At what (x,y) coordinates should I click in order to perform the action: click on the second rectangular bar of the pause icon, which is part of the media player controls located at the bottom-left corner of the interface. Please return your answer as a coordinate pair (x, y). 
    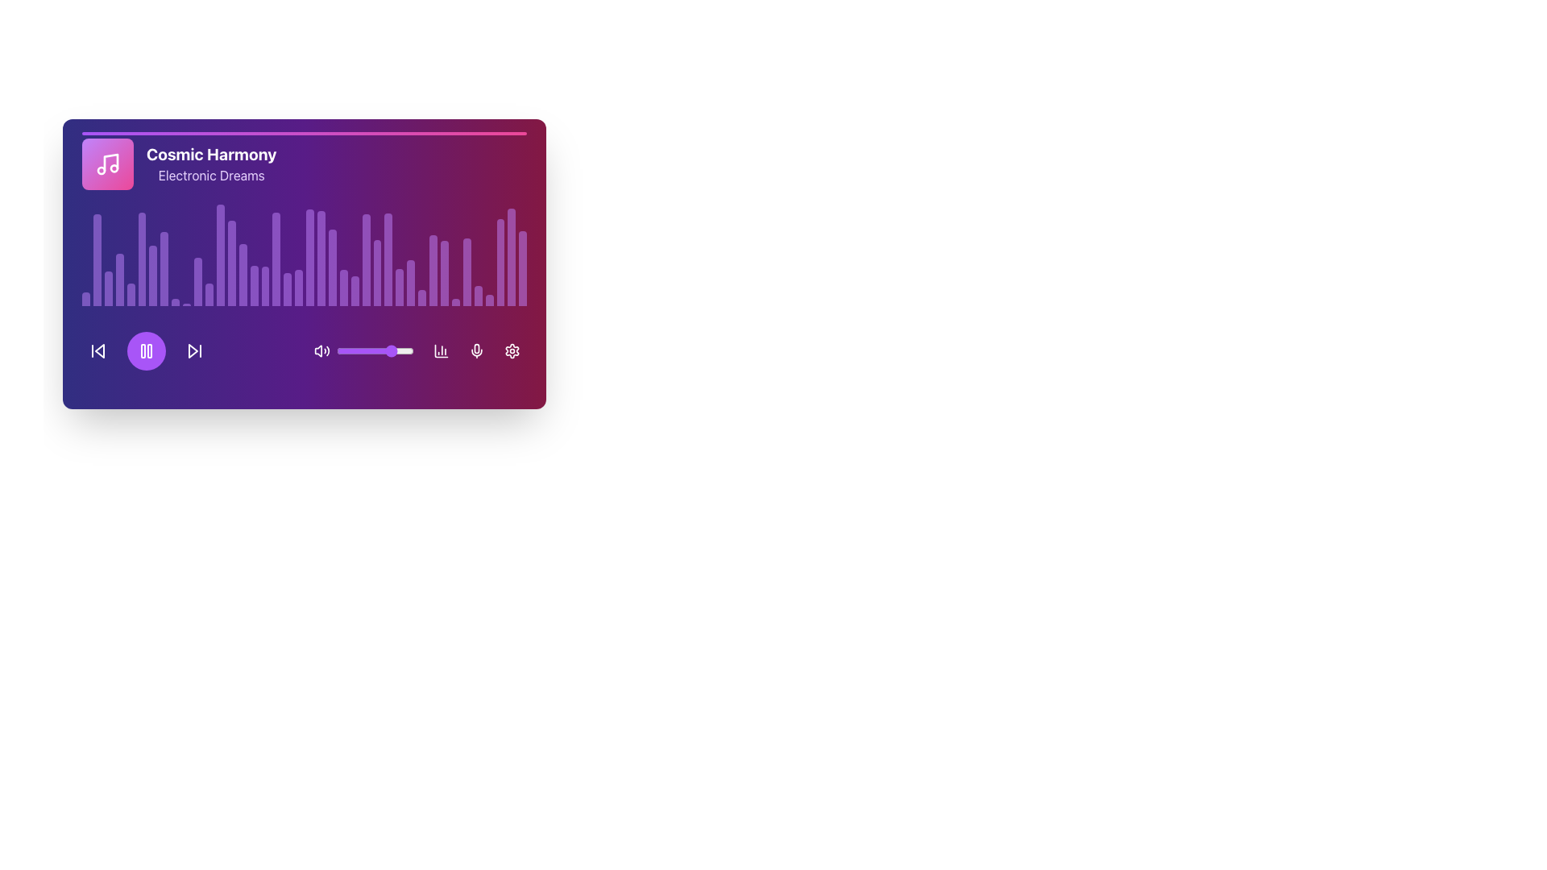
    Looking at the image, I should click on (150, 350).